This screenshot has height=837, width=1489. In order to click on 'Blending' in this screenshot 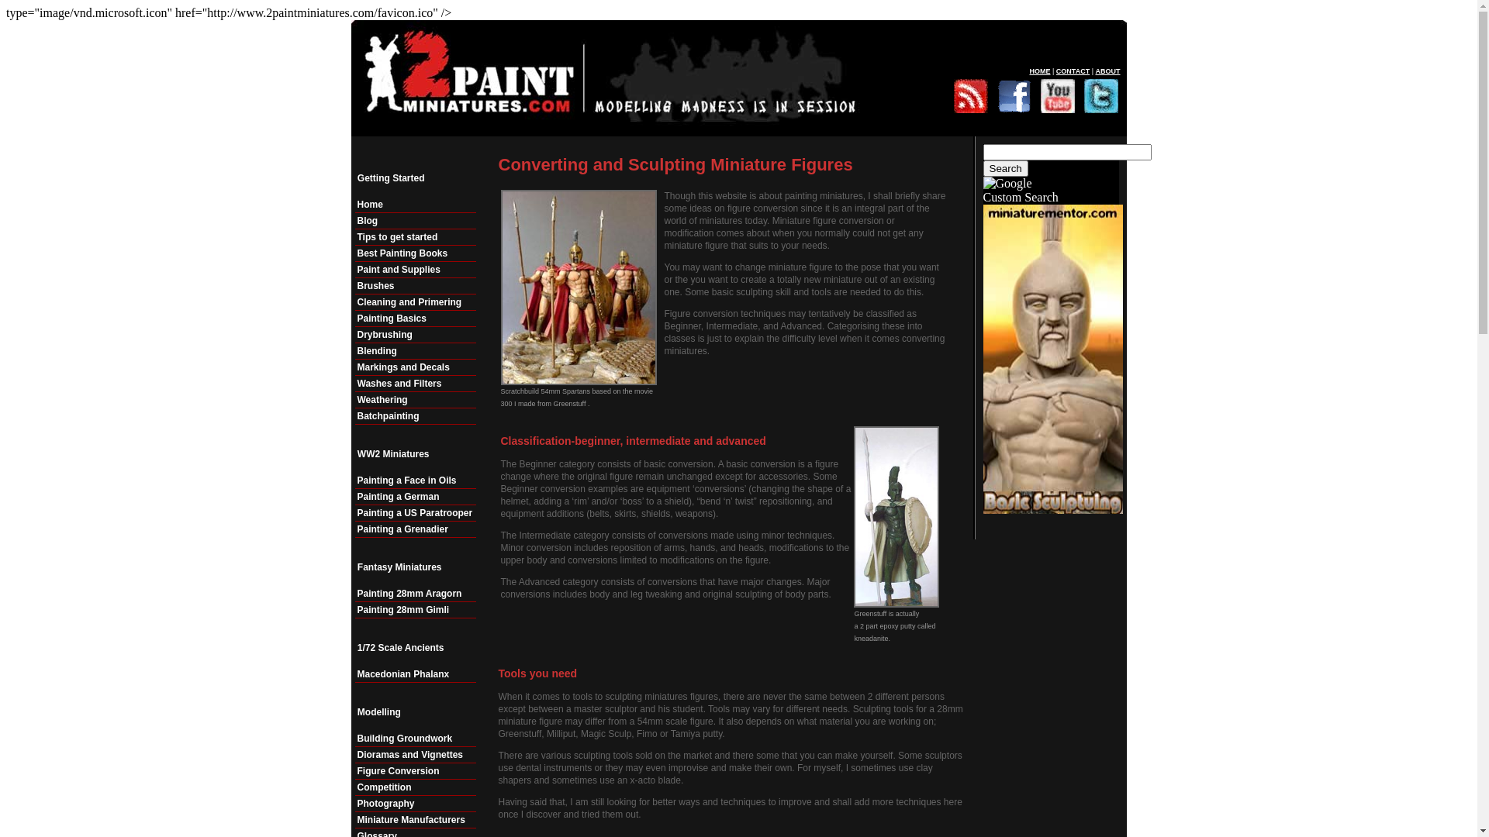, I will do `click(416, 351)`.